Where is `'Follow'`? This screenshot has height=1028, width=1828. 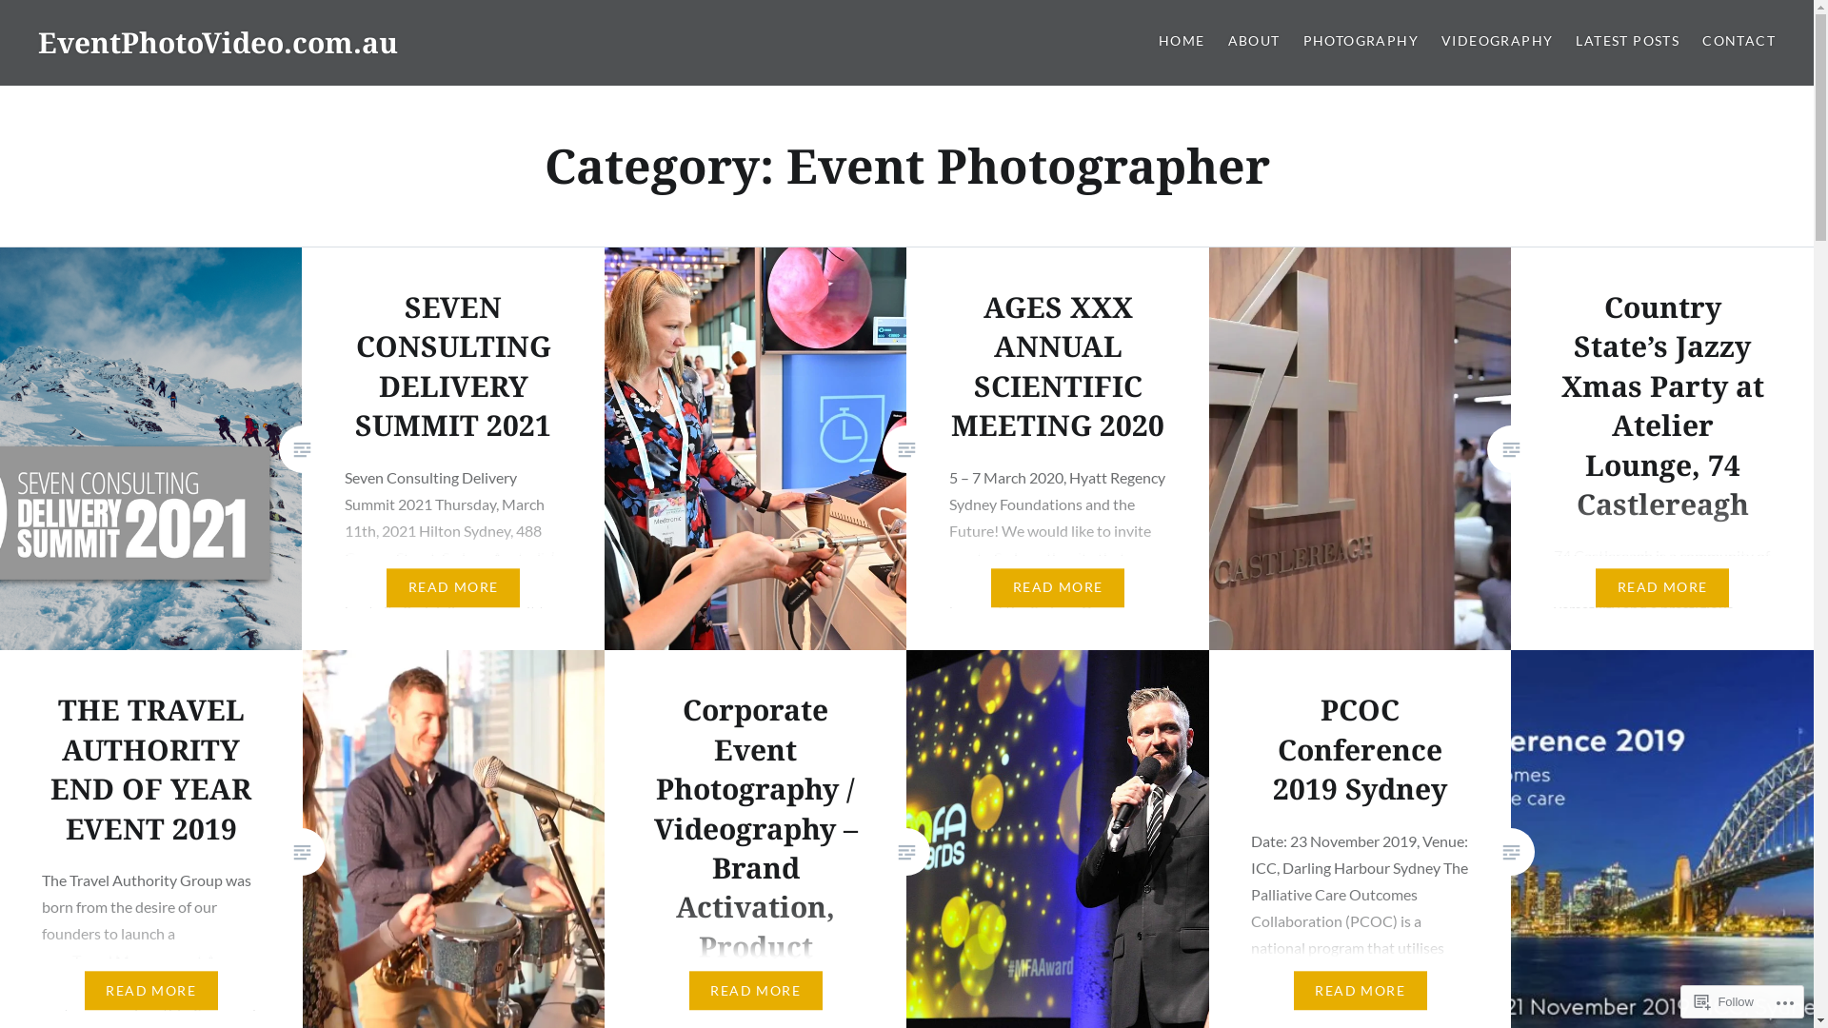
'Follow' is located at coordinates (1723, 1000).